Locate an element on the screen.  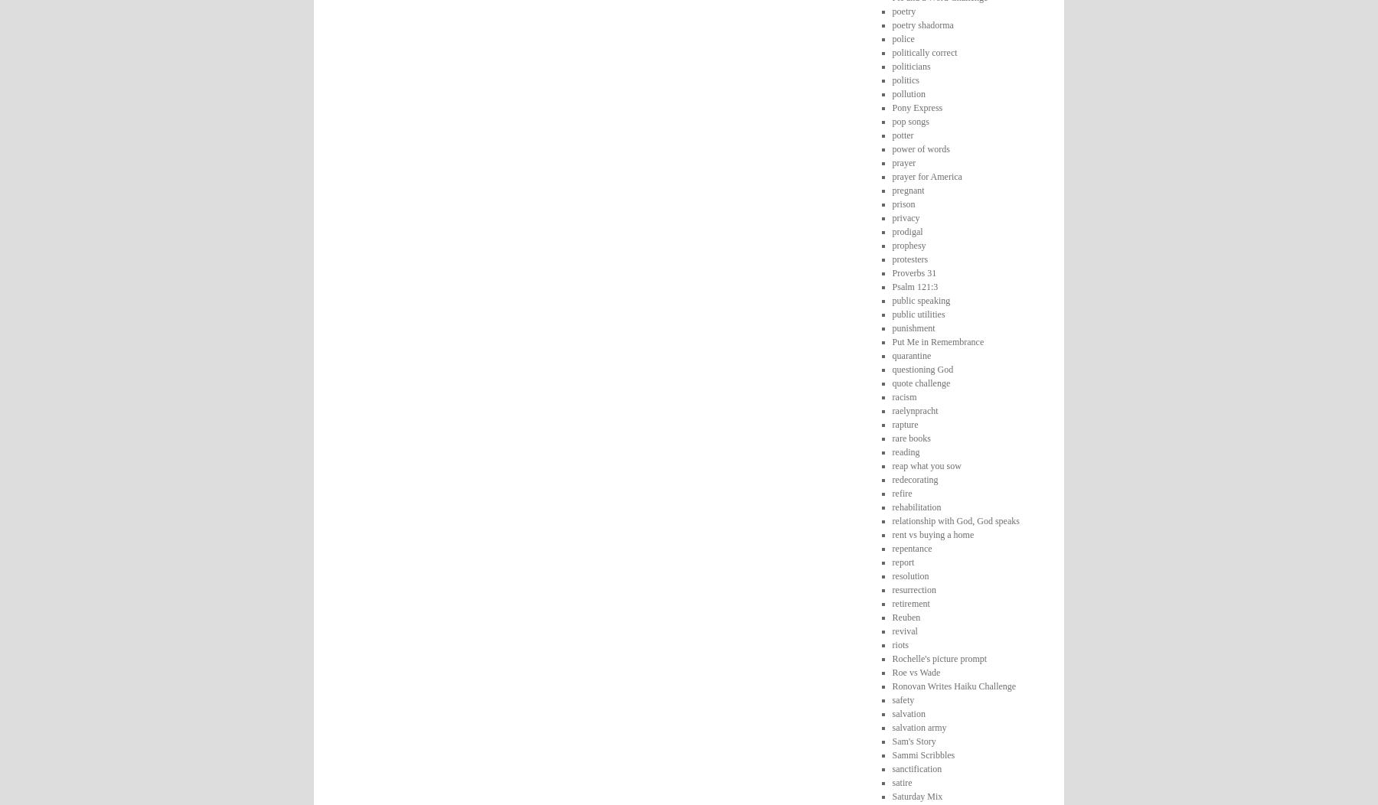
'resurrection' is located at coordinates (913, 588).